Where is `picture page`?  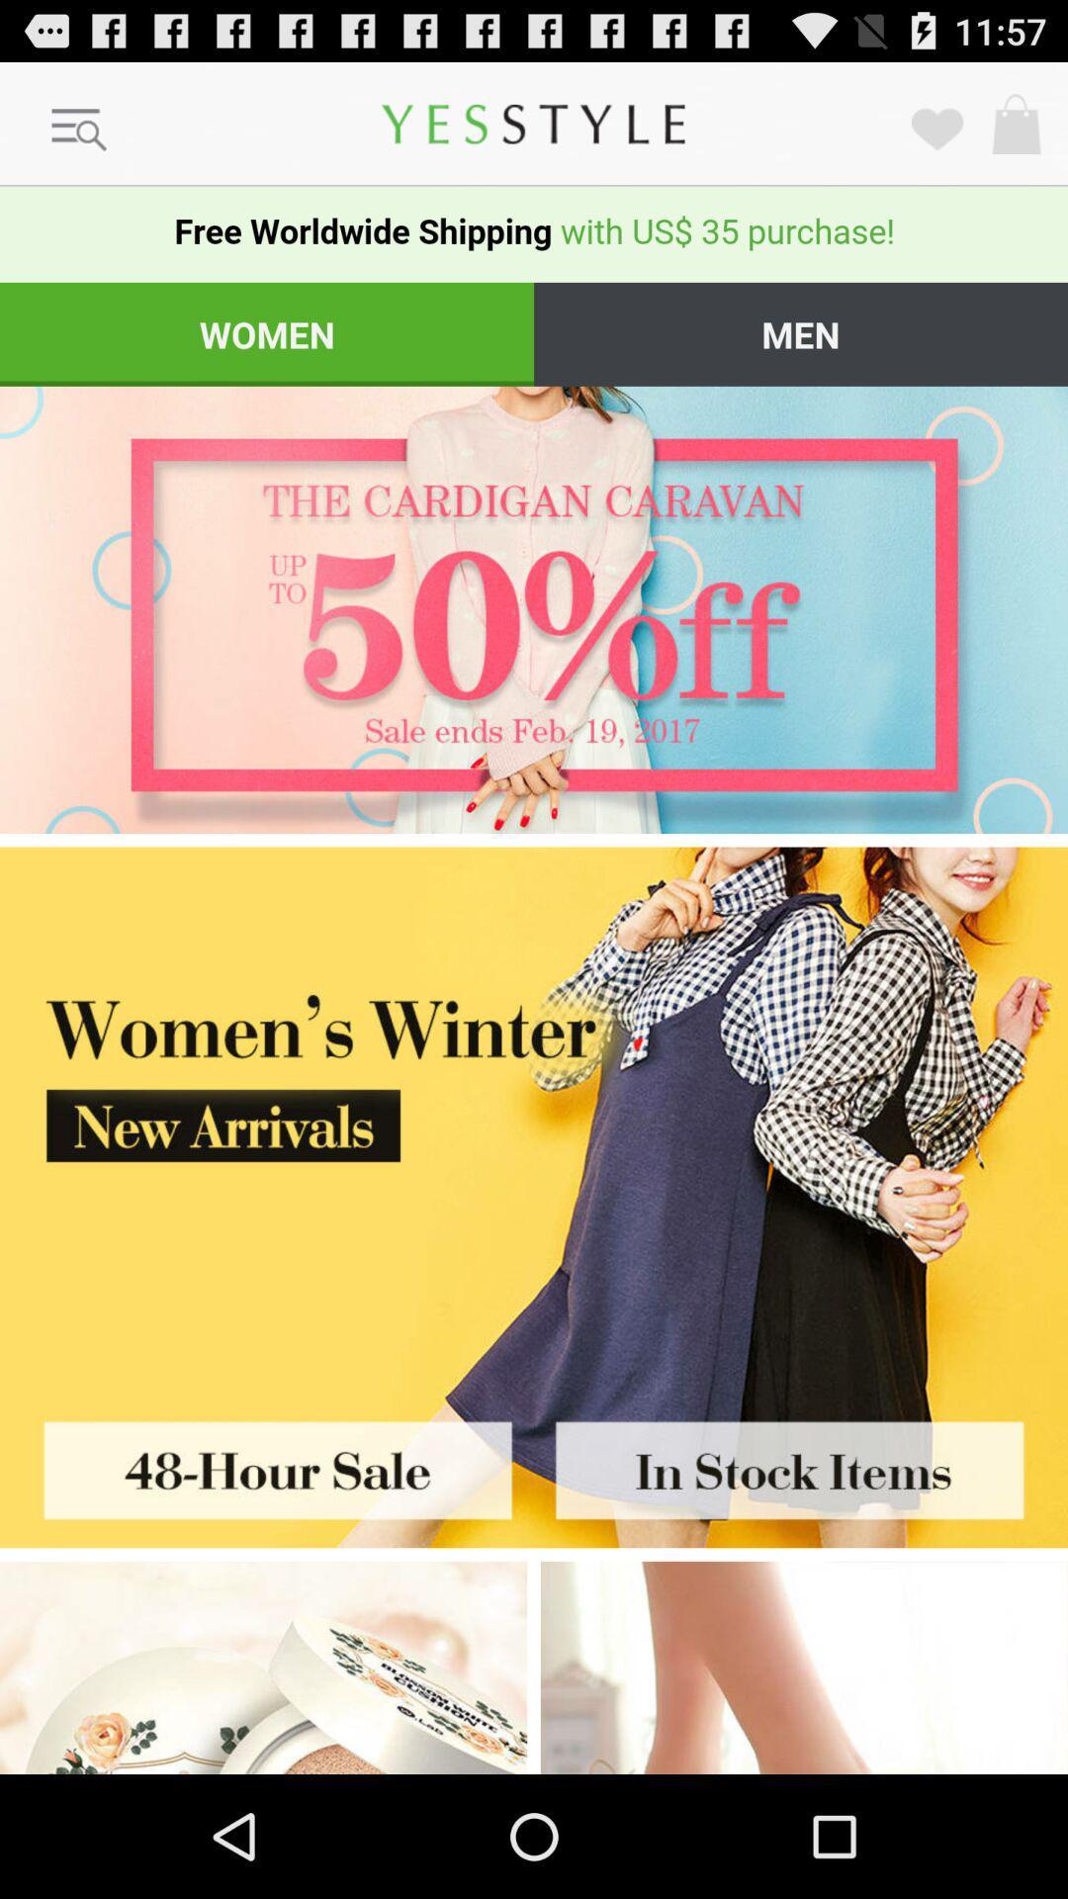
picture page is located at coordinates (801, 1464).